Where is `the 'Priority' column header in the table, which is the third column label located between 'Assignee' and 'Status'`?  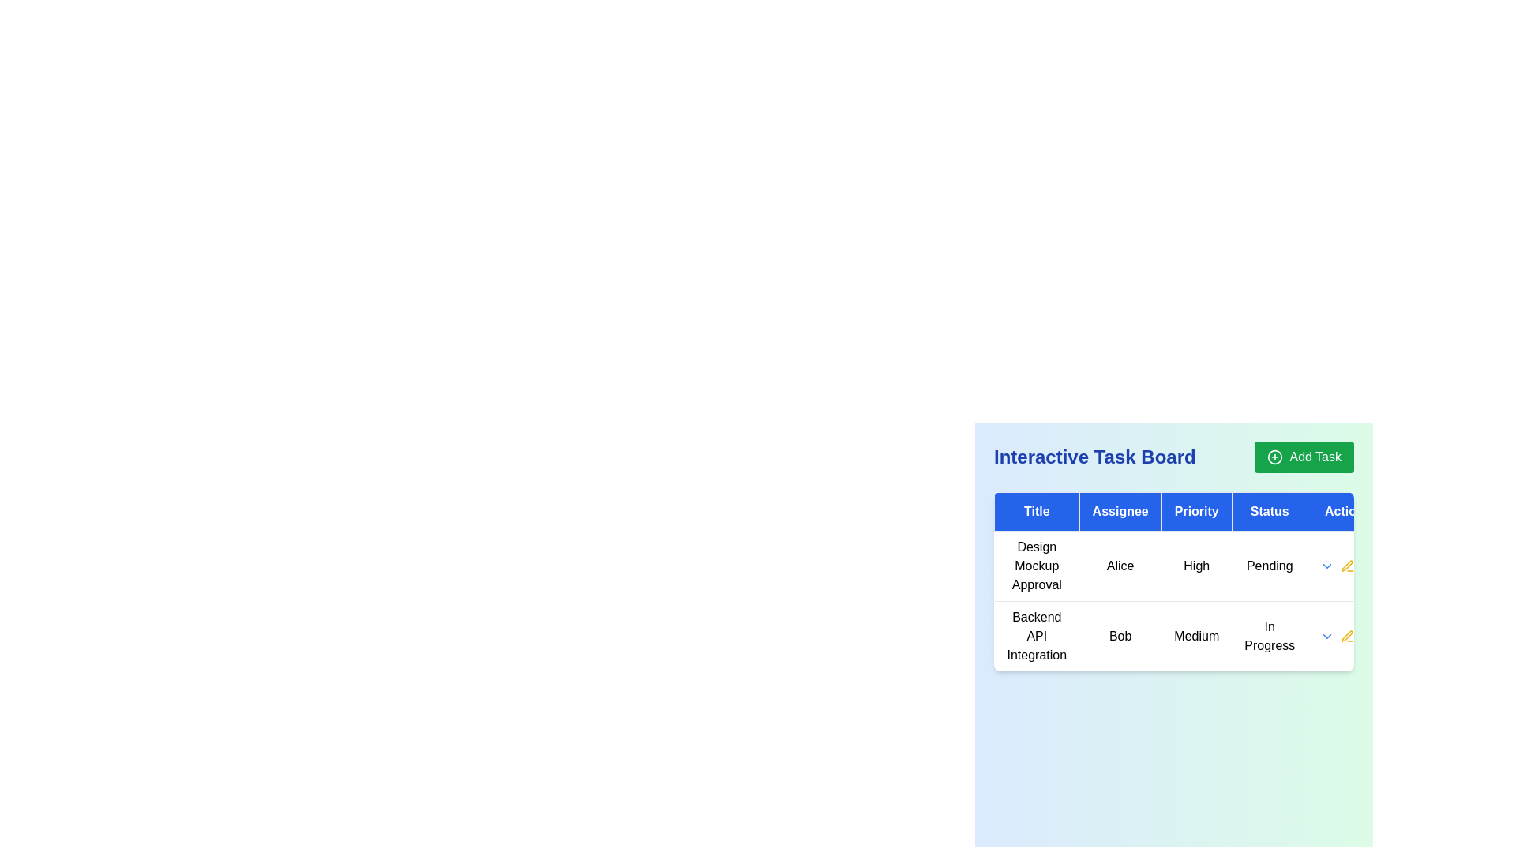
the 'Priority' column header in the table, which is the third column label located between 'Assignee' and 'Status' is located at coordinates (1196, 512).